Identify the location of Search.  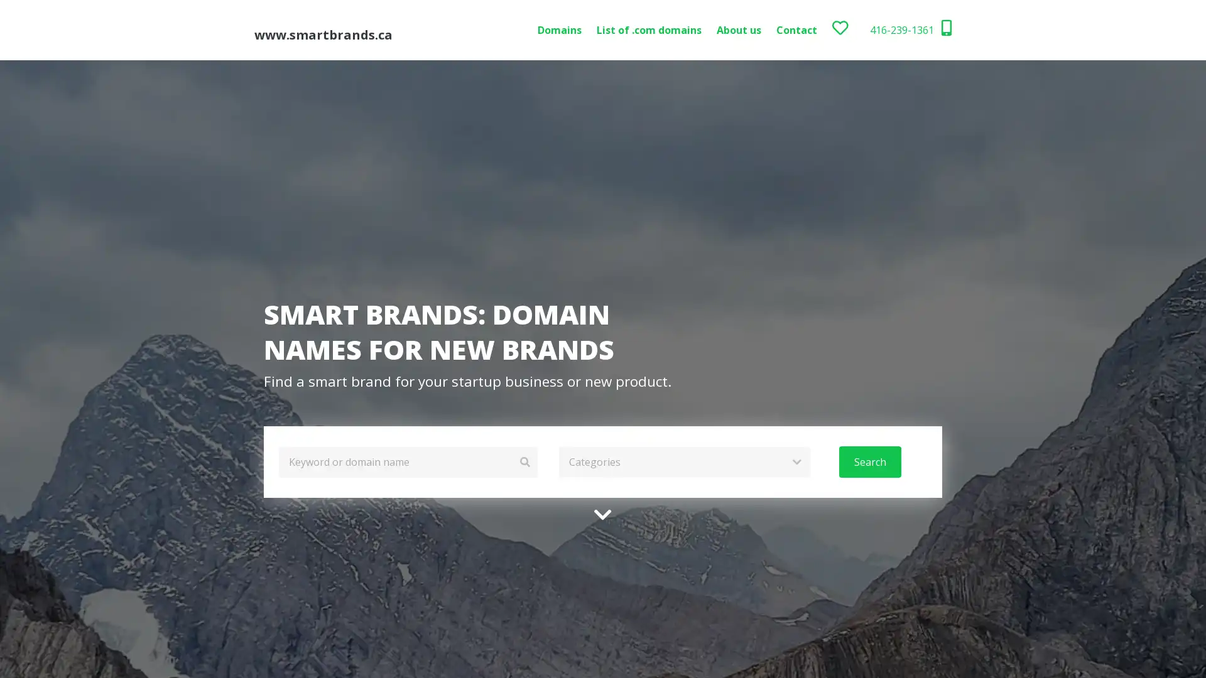
(869, 461).